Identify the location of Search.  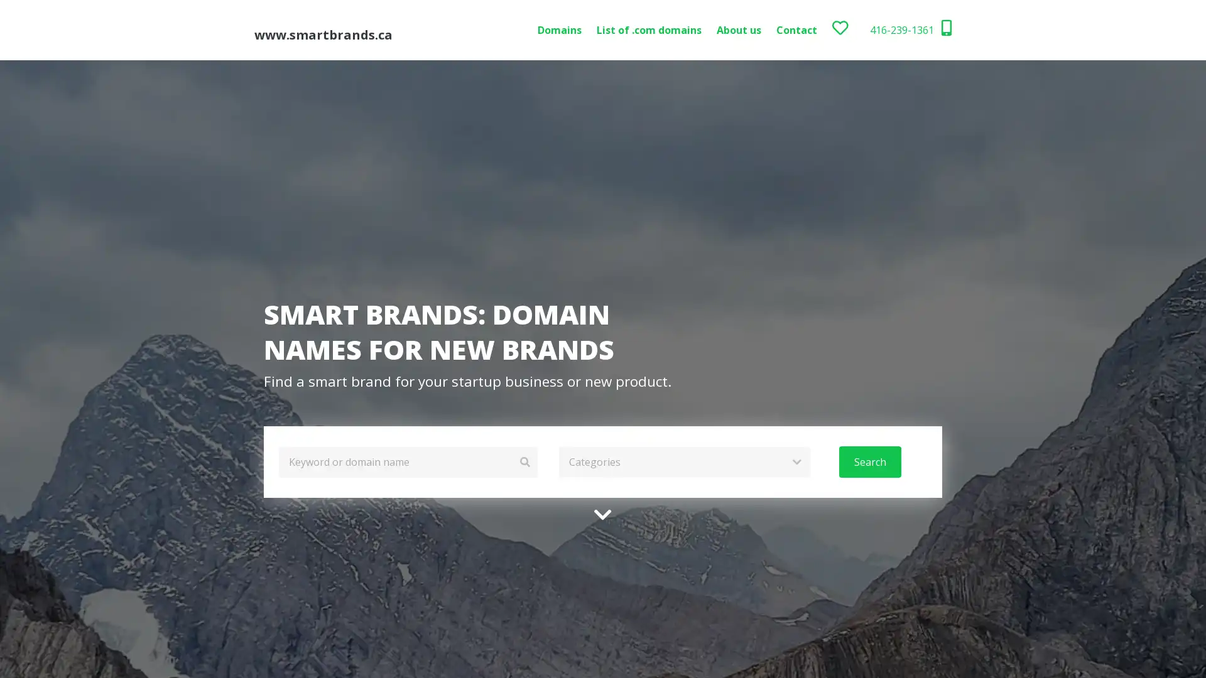
(869, 461).